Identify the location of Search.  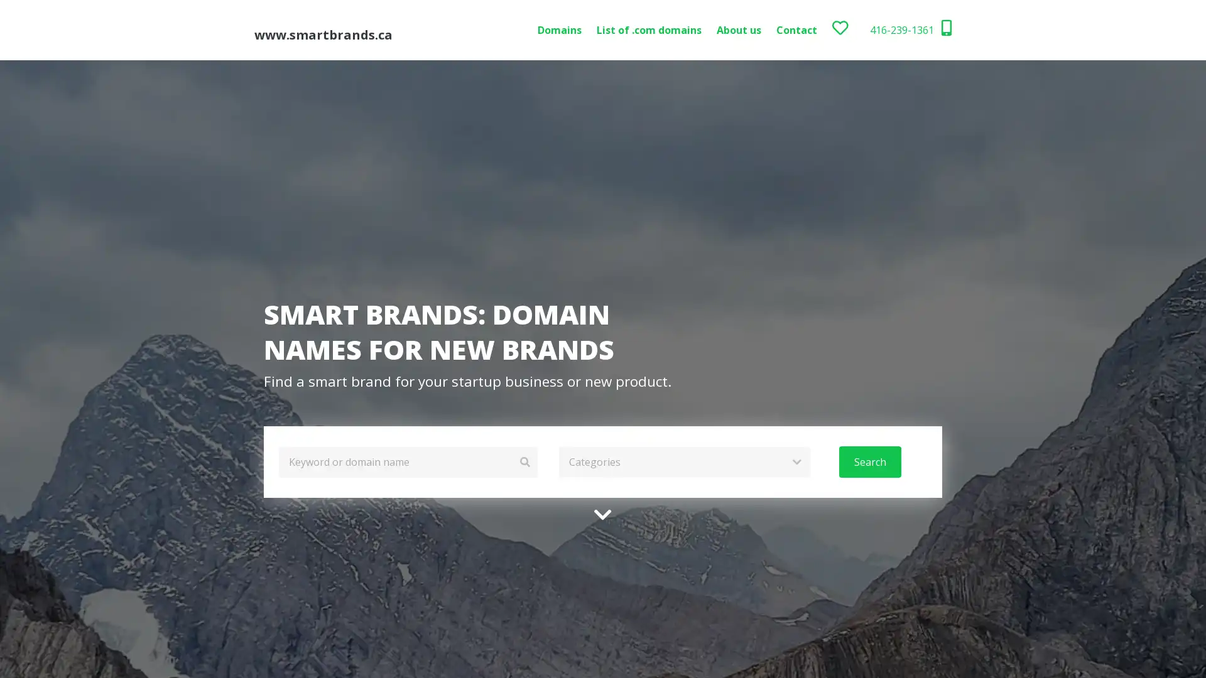
(869, 461).